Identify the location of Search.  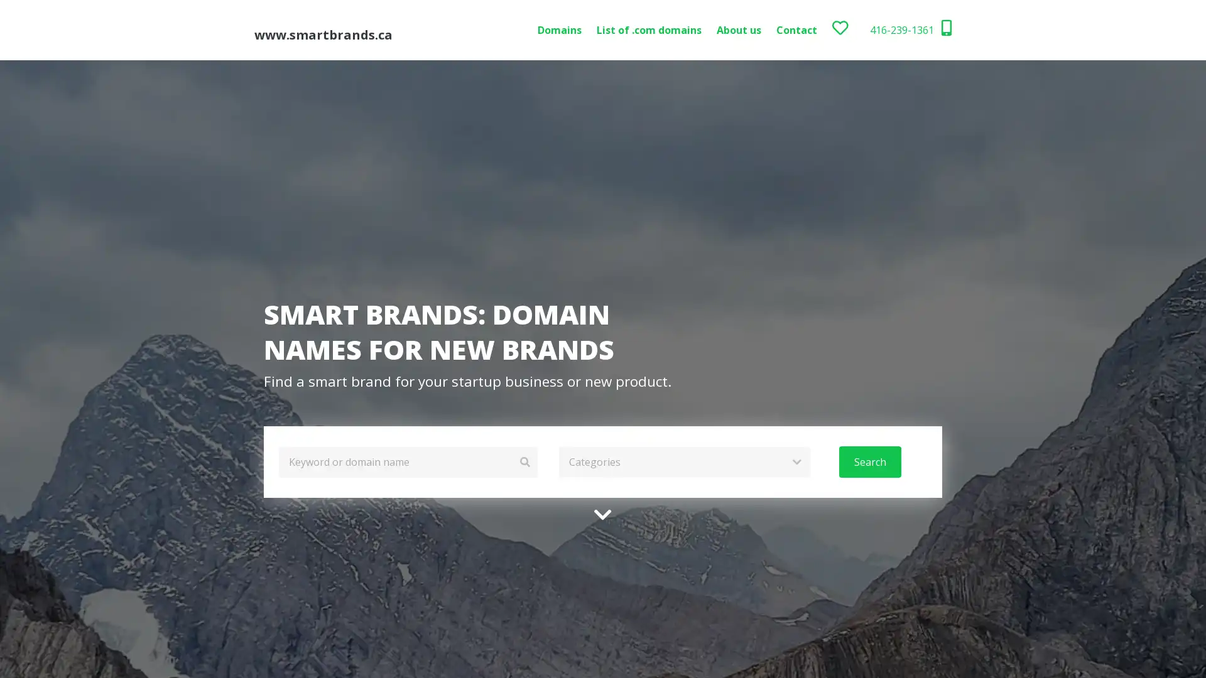
(869, 461).